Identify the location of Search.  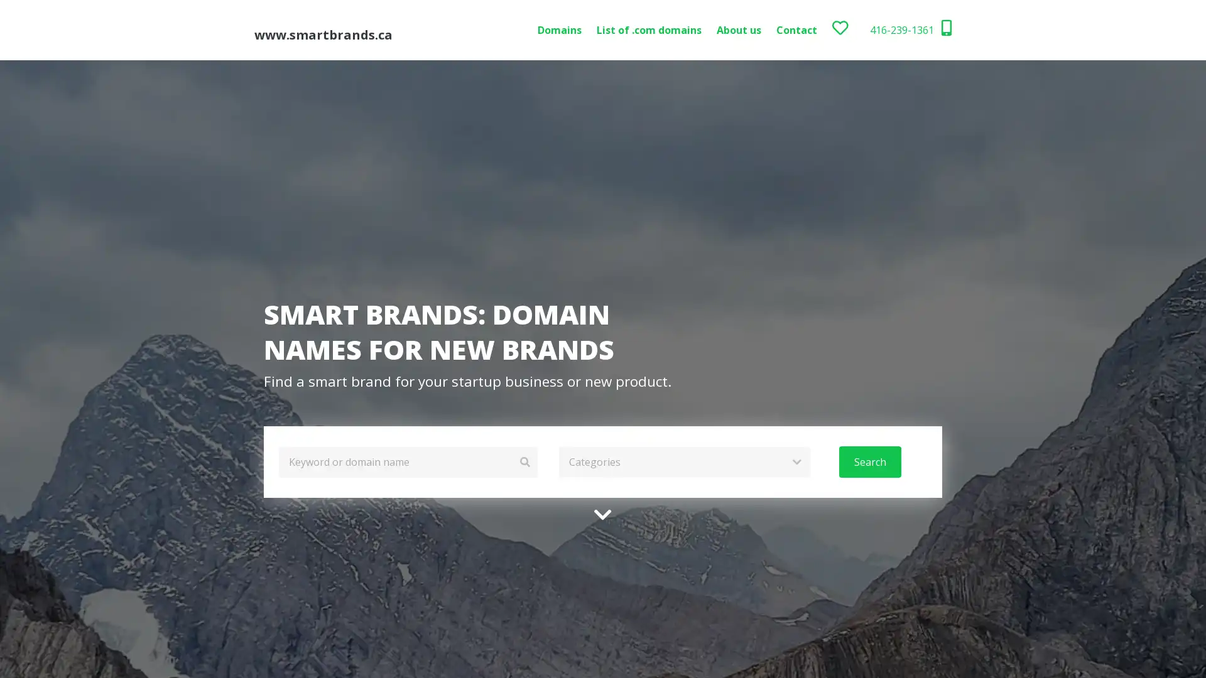
(869, 461).